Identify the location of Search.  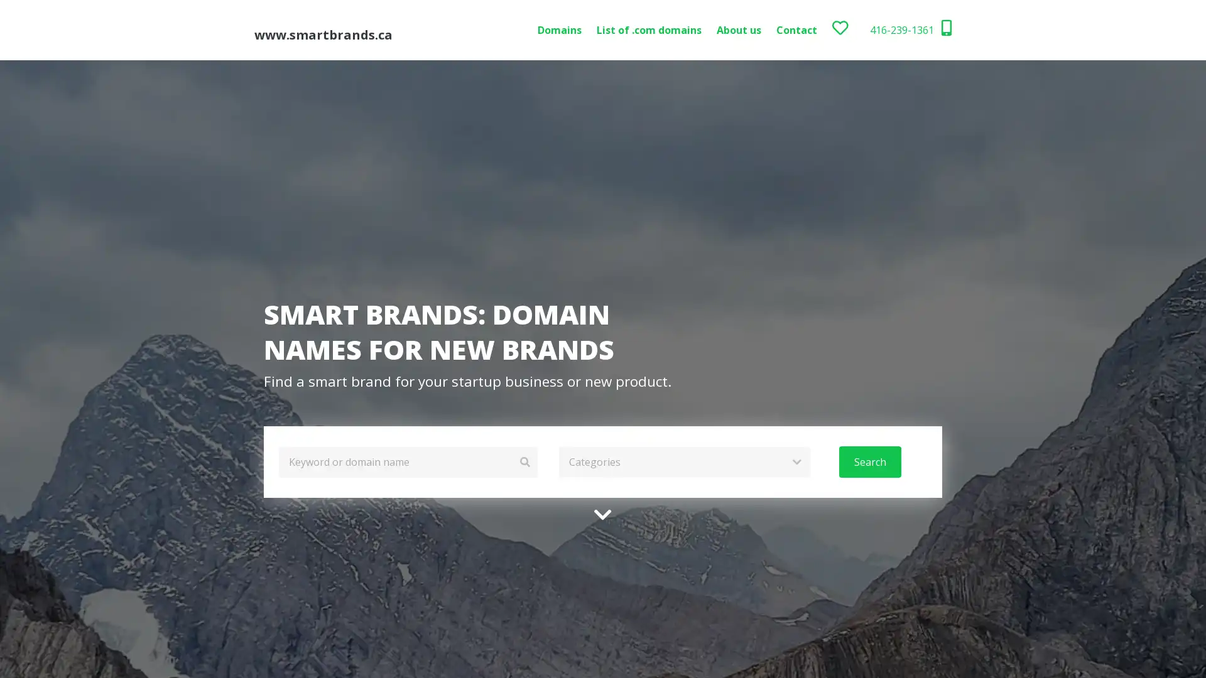
(869, 461).